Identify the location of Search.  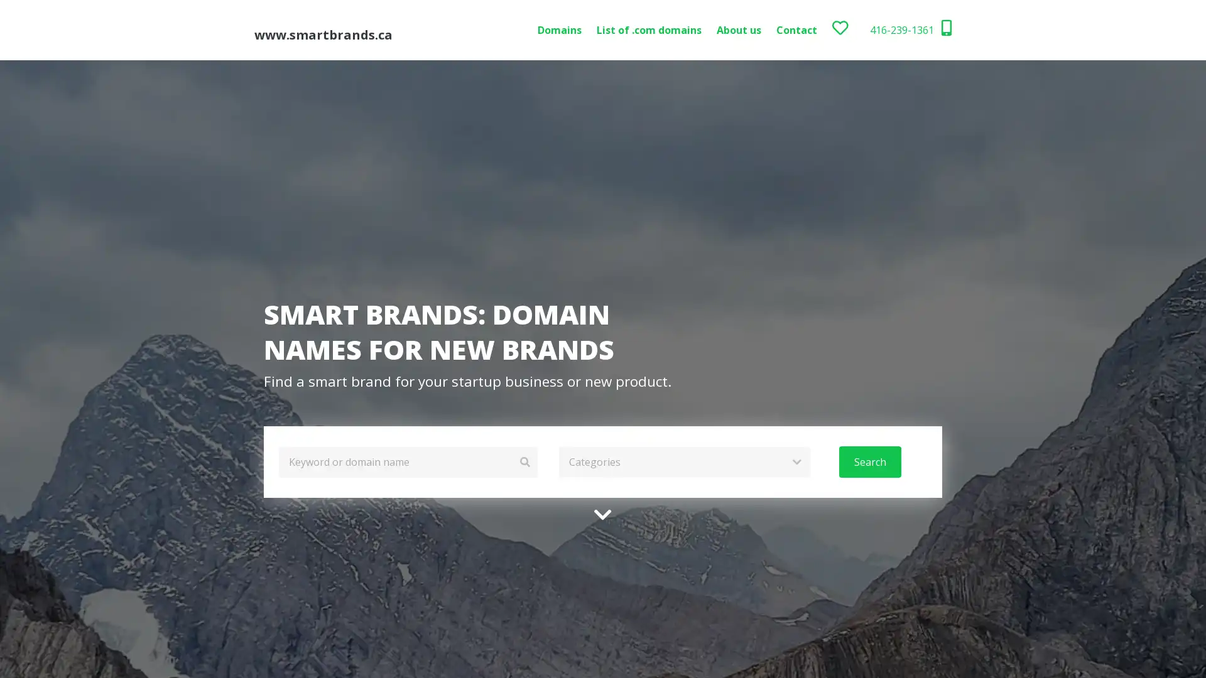
(869, 461).